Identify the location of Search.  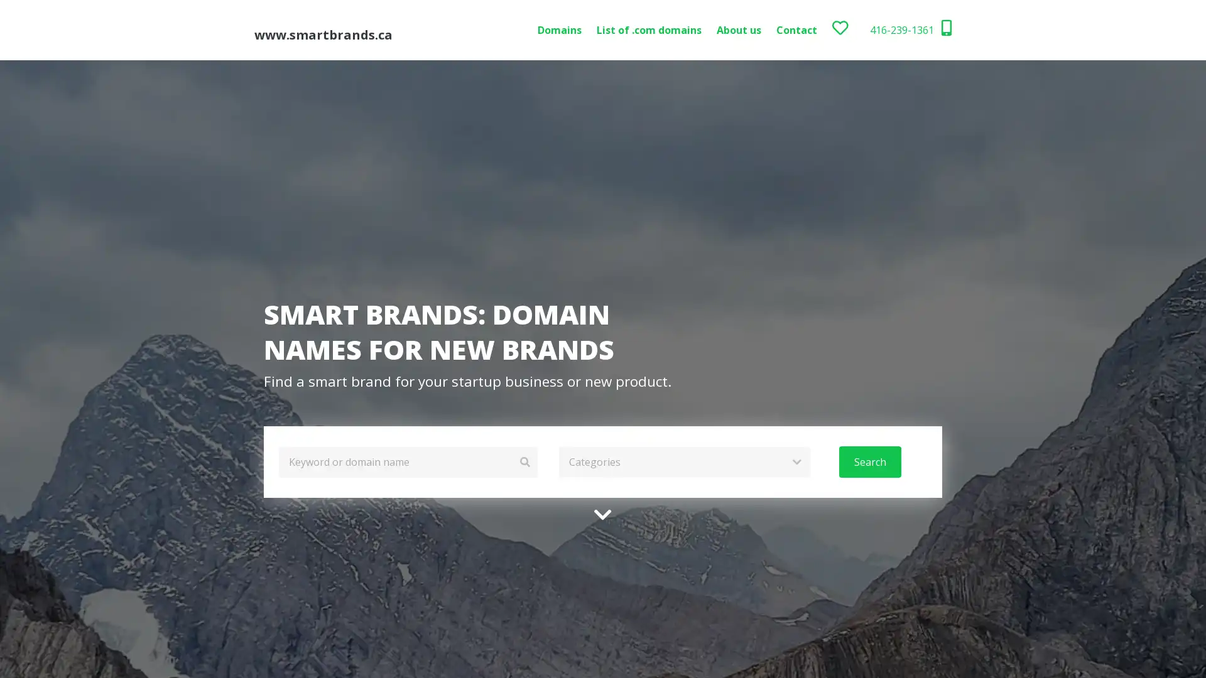
(869, 461).